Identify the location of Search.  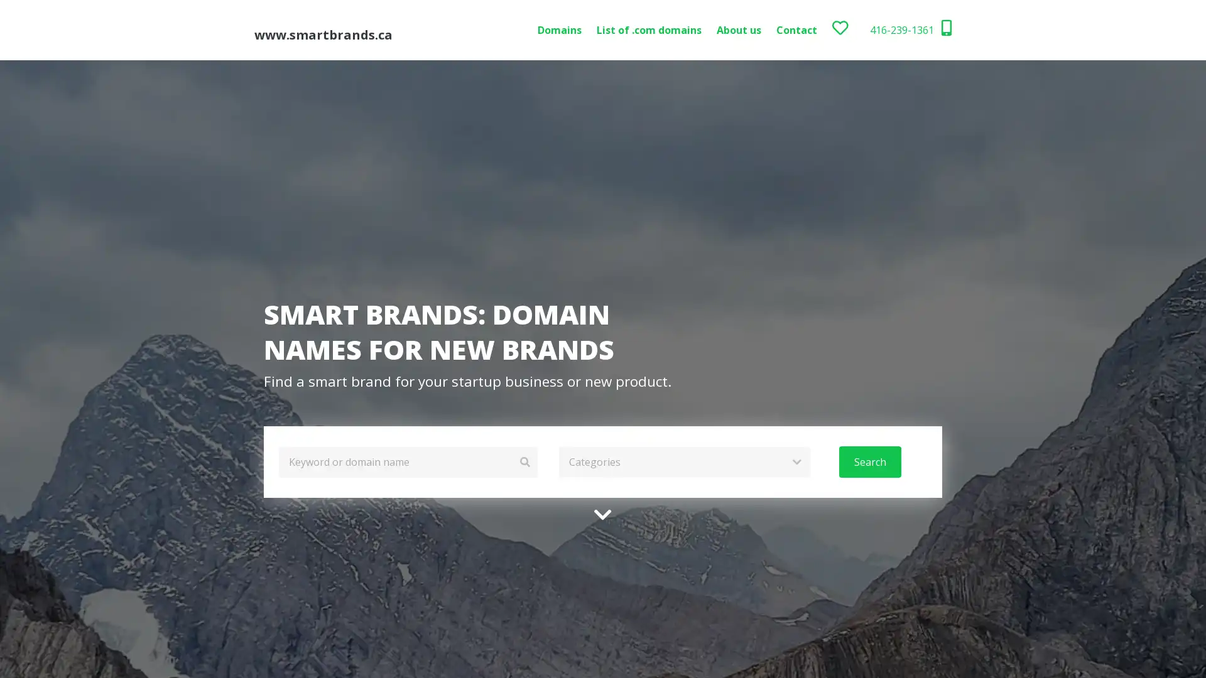
(869, 461).